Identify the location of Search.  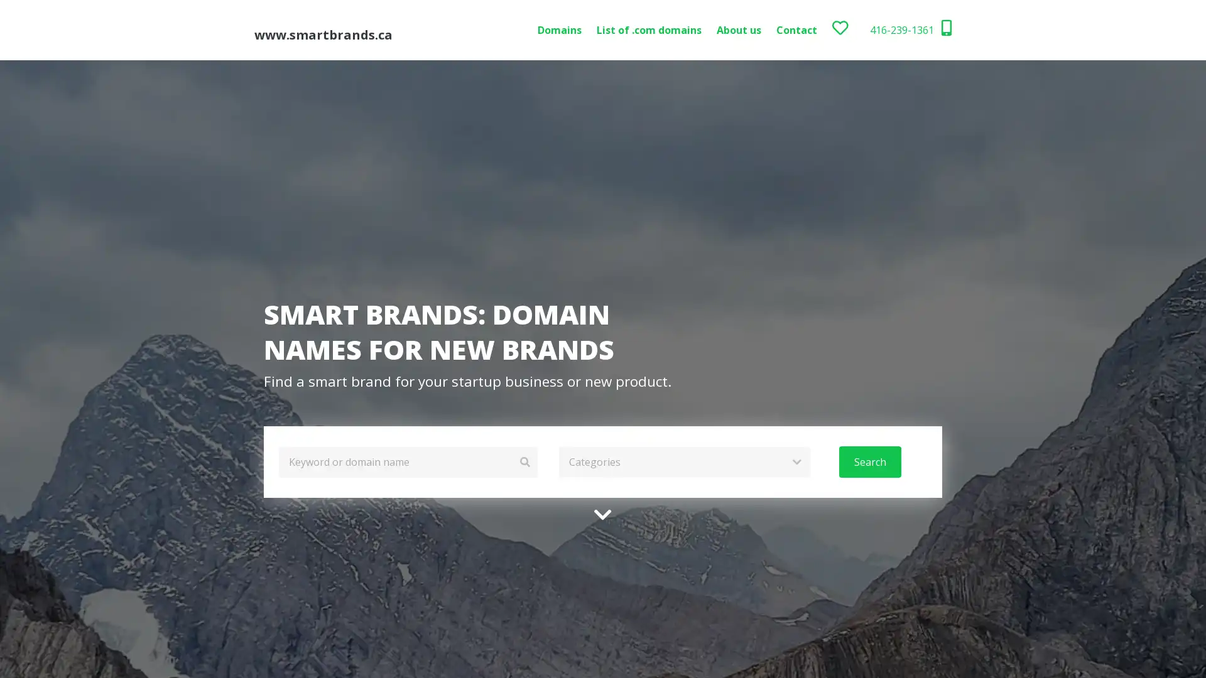
(869, 461).